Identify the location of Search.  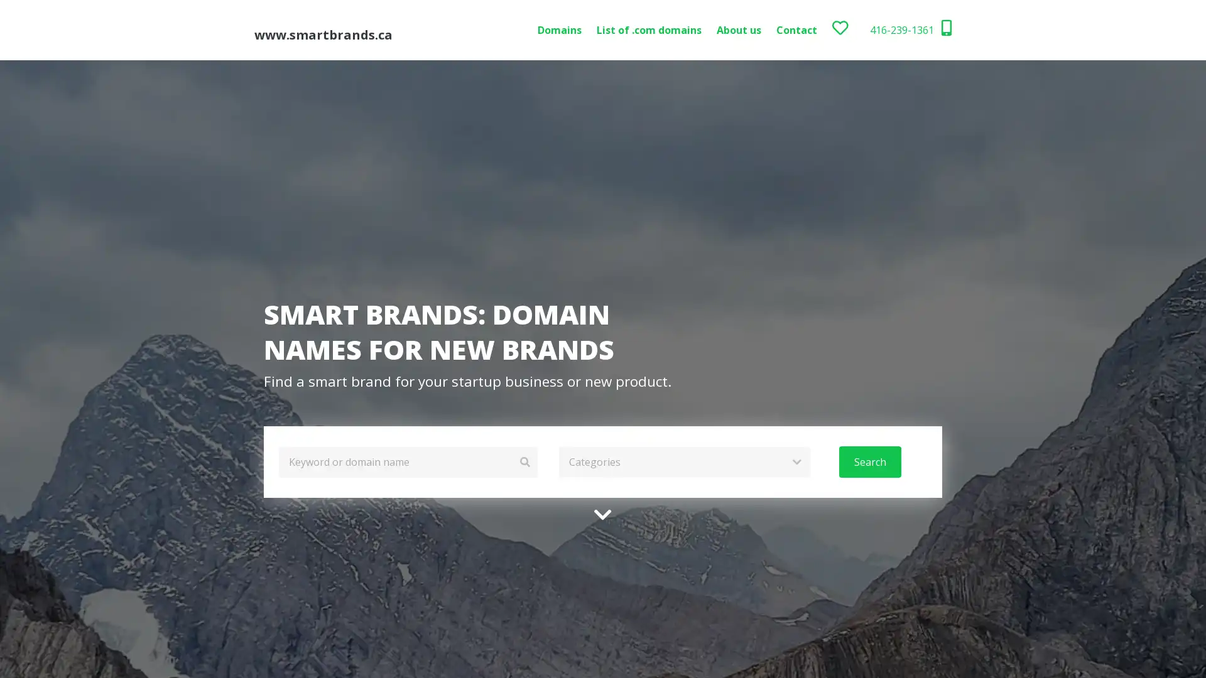
(869, 461).